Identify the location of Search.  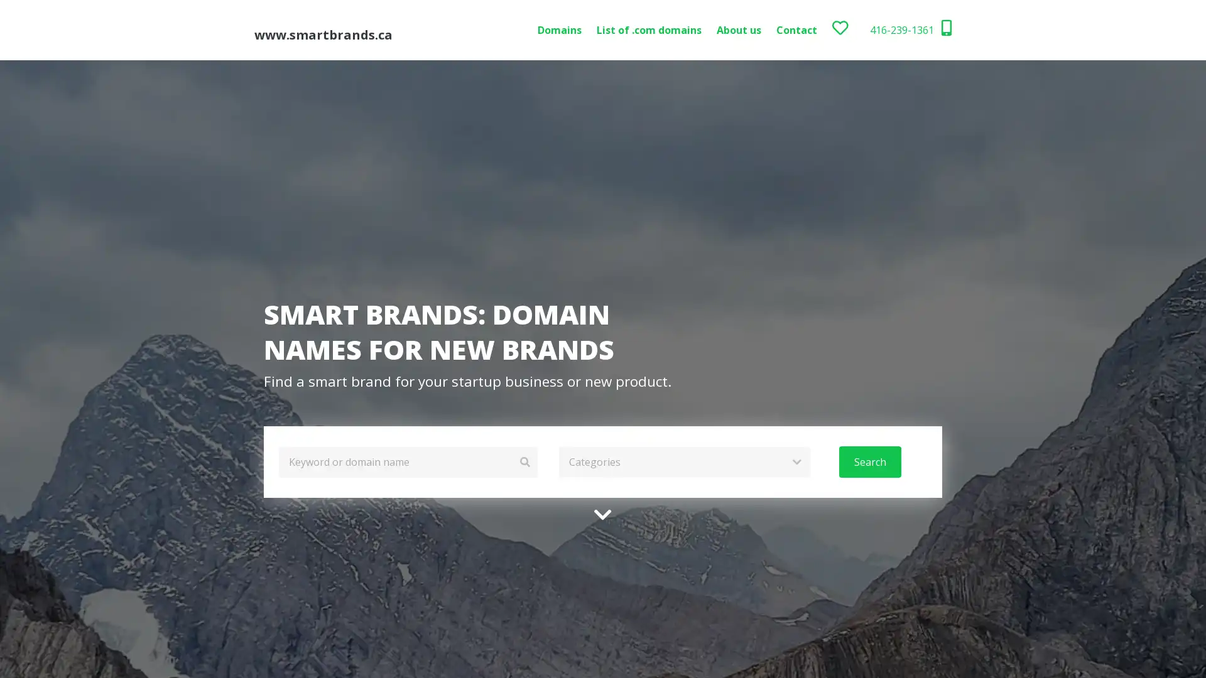
(869, 461).